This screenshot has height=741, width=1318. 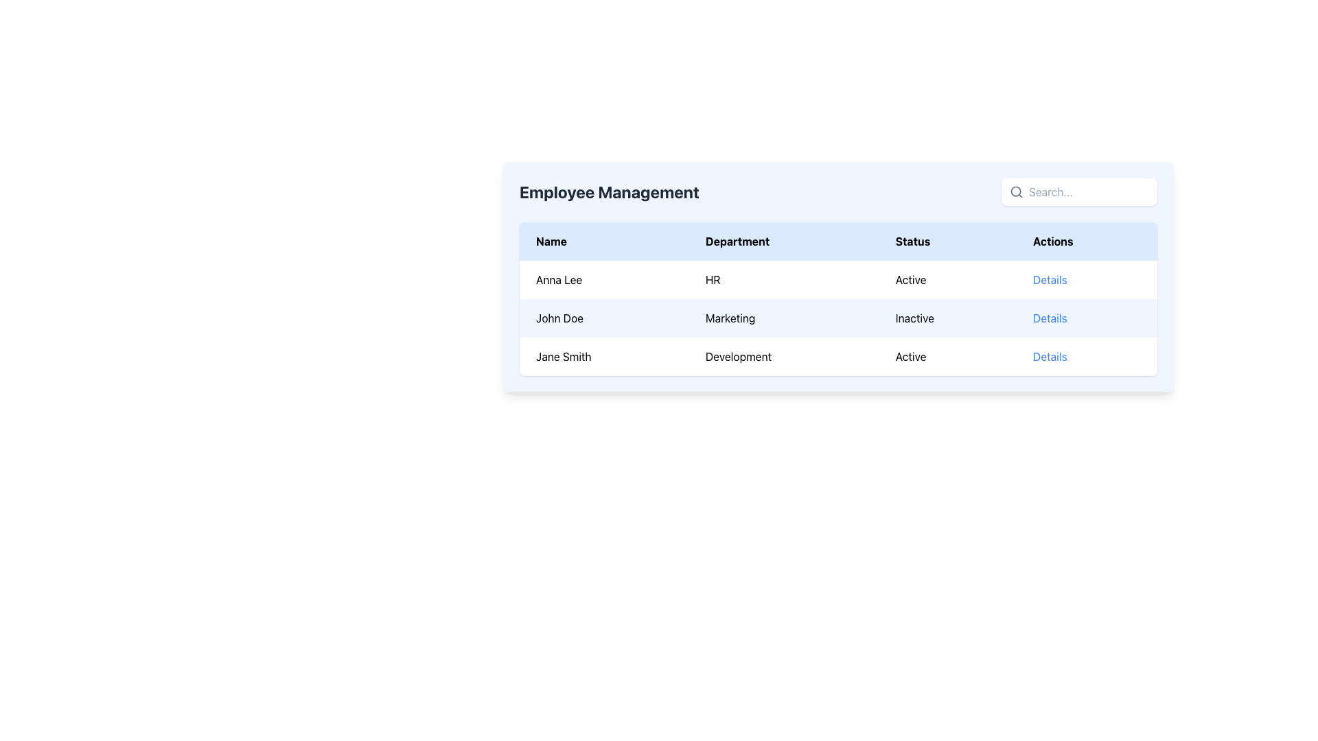 What do you see at coordinates (1049, 318) in the screenshot?
I see `the blue, underlined text link labeled 'Details' located in the second row of the 'Actions' column, next to the 'Inactive' status for 'John Doe'` at bounding box center [1049, 318].